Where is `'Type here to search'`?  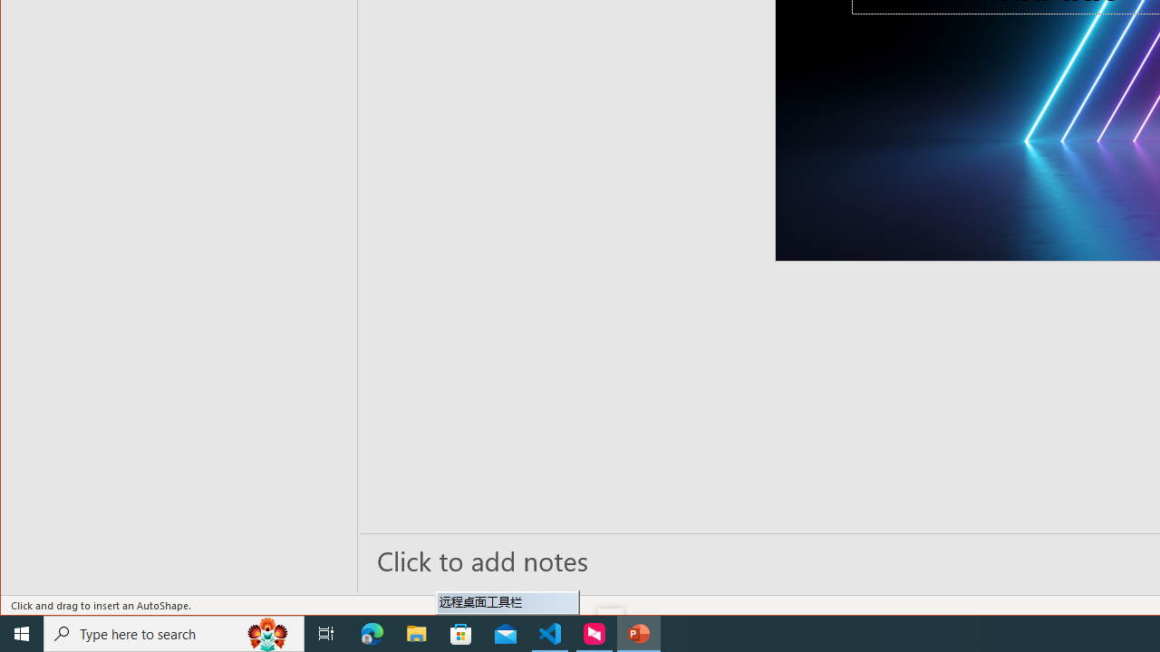 'Type here to search' is located at coordinates (174, 632).